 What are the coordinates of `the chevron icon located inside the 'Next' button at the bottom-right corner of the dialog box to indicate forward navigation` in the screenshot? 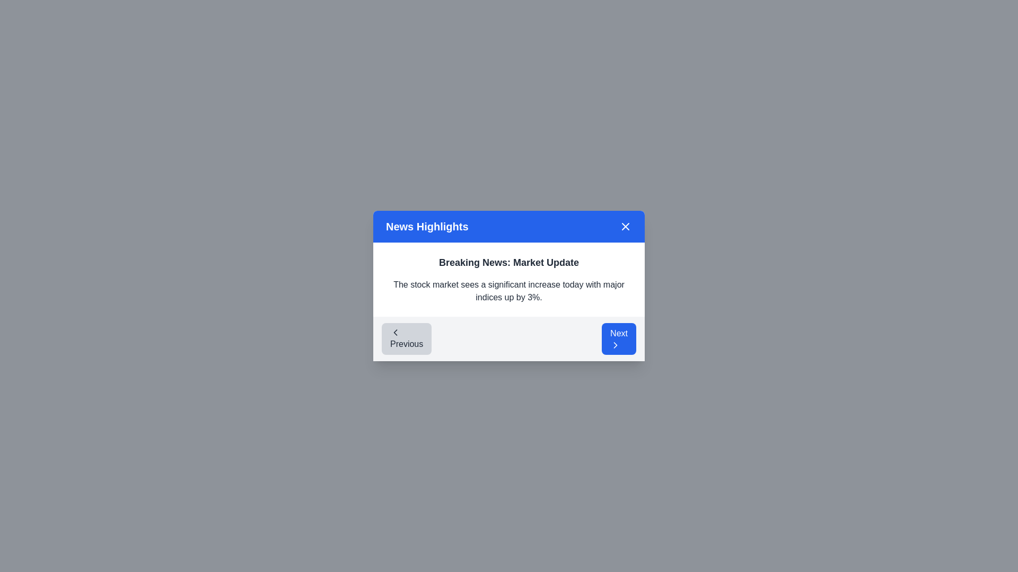 It's located at (616, 345).